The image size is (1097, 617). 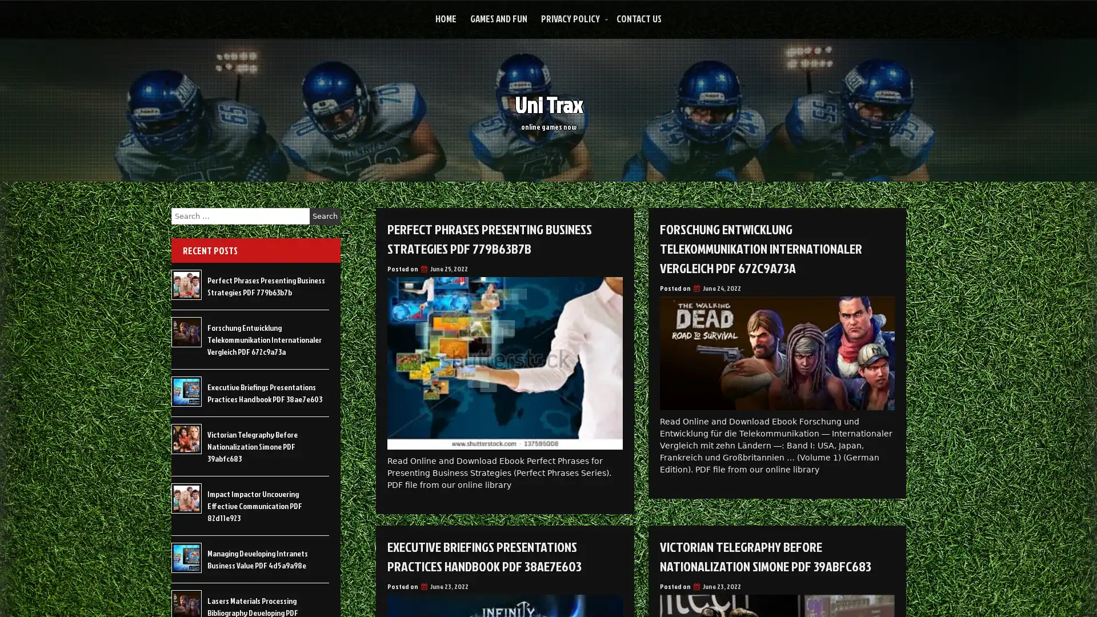 What do you see at coordinates (325, 216) in the screenshot?
I see `Search` at bounding box center [325, 216].